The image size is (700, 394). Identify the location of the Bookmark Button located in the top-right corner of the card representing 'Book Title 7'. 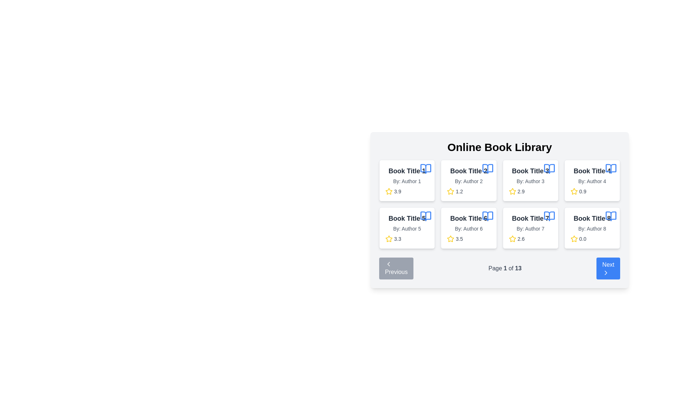
(549, 216).